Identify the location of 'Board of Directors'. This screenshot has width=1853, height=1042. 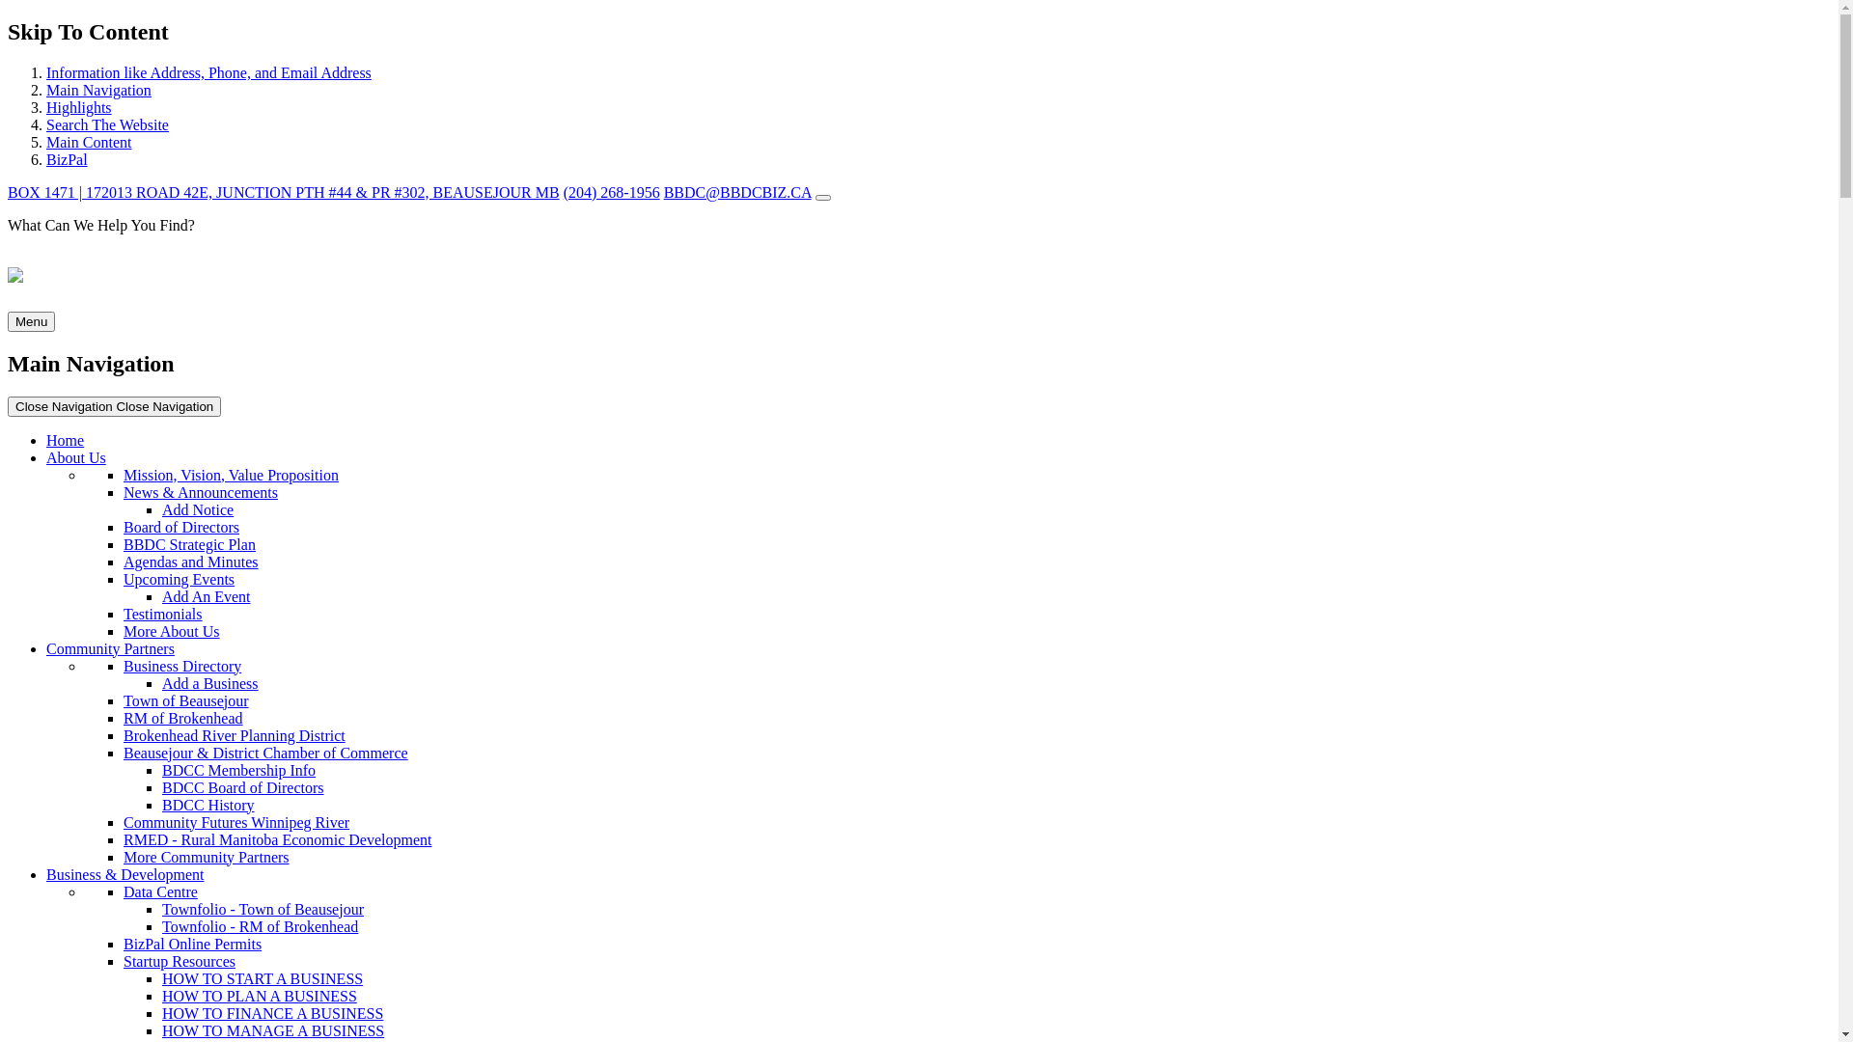
(123, 527).